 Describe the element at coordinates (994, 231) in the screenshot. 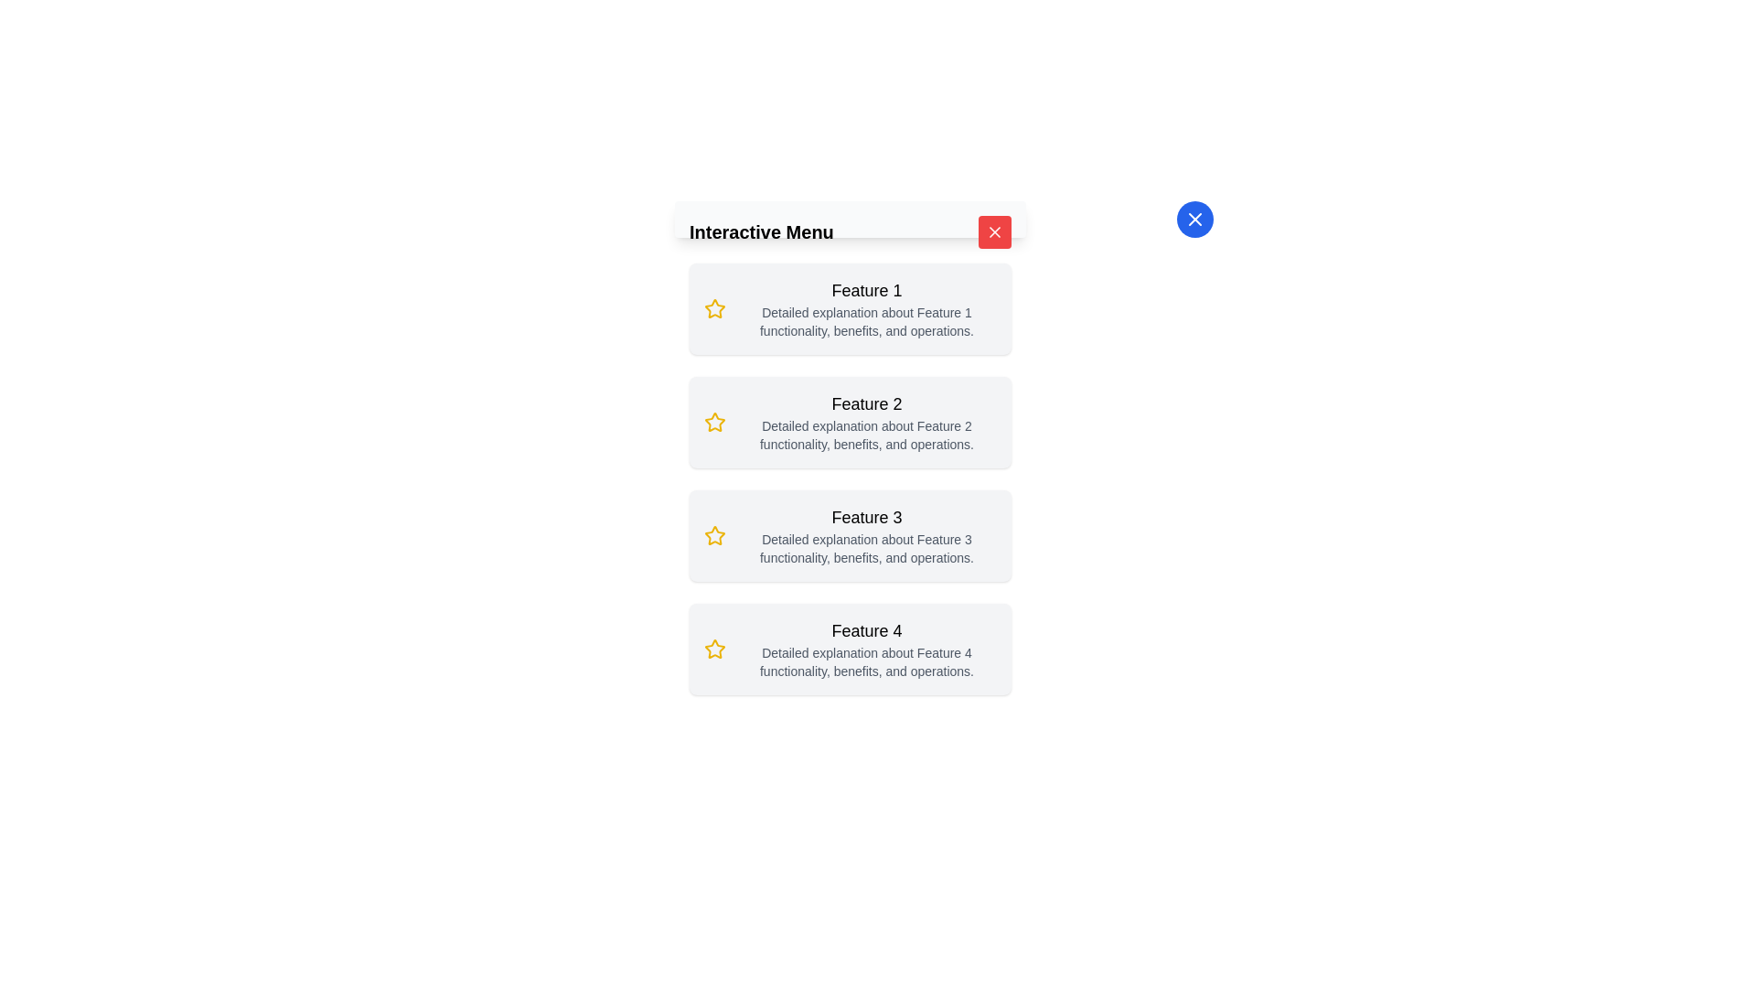

I see `the red circular button with a white 'X' icon located at the top-right corner of the 'Interactive Menu' header bar` at that location.